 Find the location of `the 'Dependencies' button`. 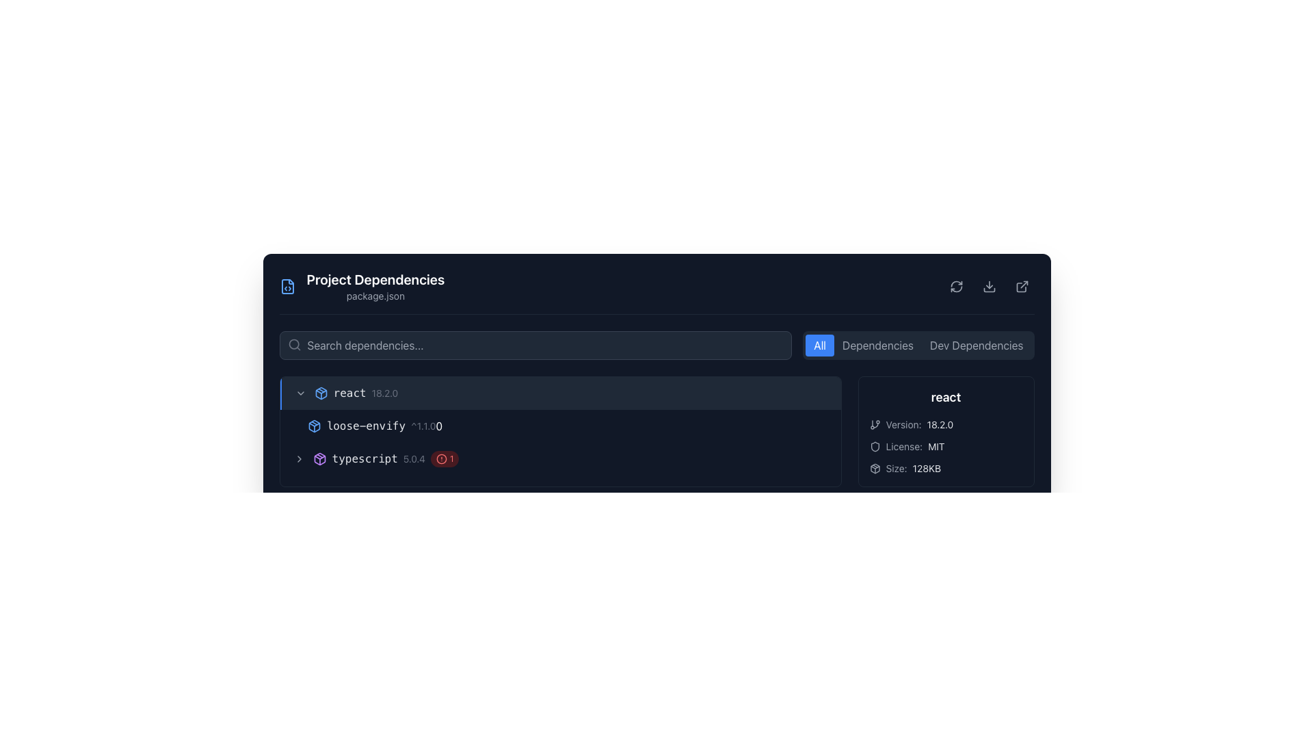

the 'Dependencies' button is located at coordinates (877, 345).